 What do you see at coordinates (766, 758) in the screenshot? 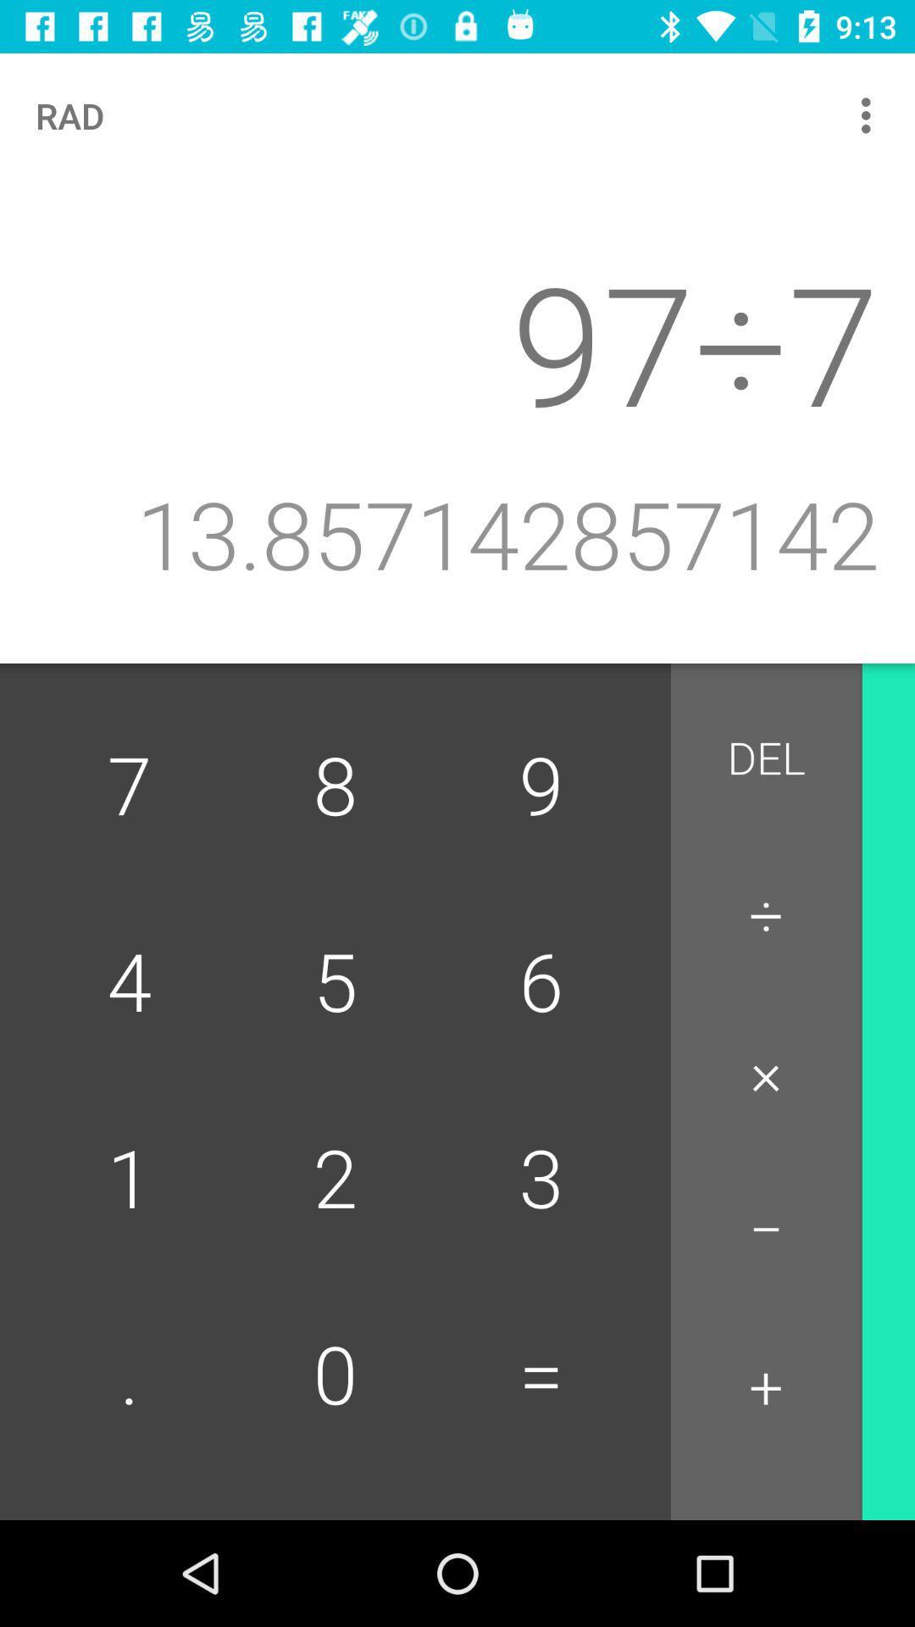
I see `button next to the inv item` at bounding box center [766, 758].